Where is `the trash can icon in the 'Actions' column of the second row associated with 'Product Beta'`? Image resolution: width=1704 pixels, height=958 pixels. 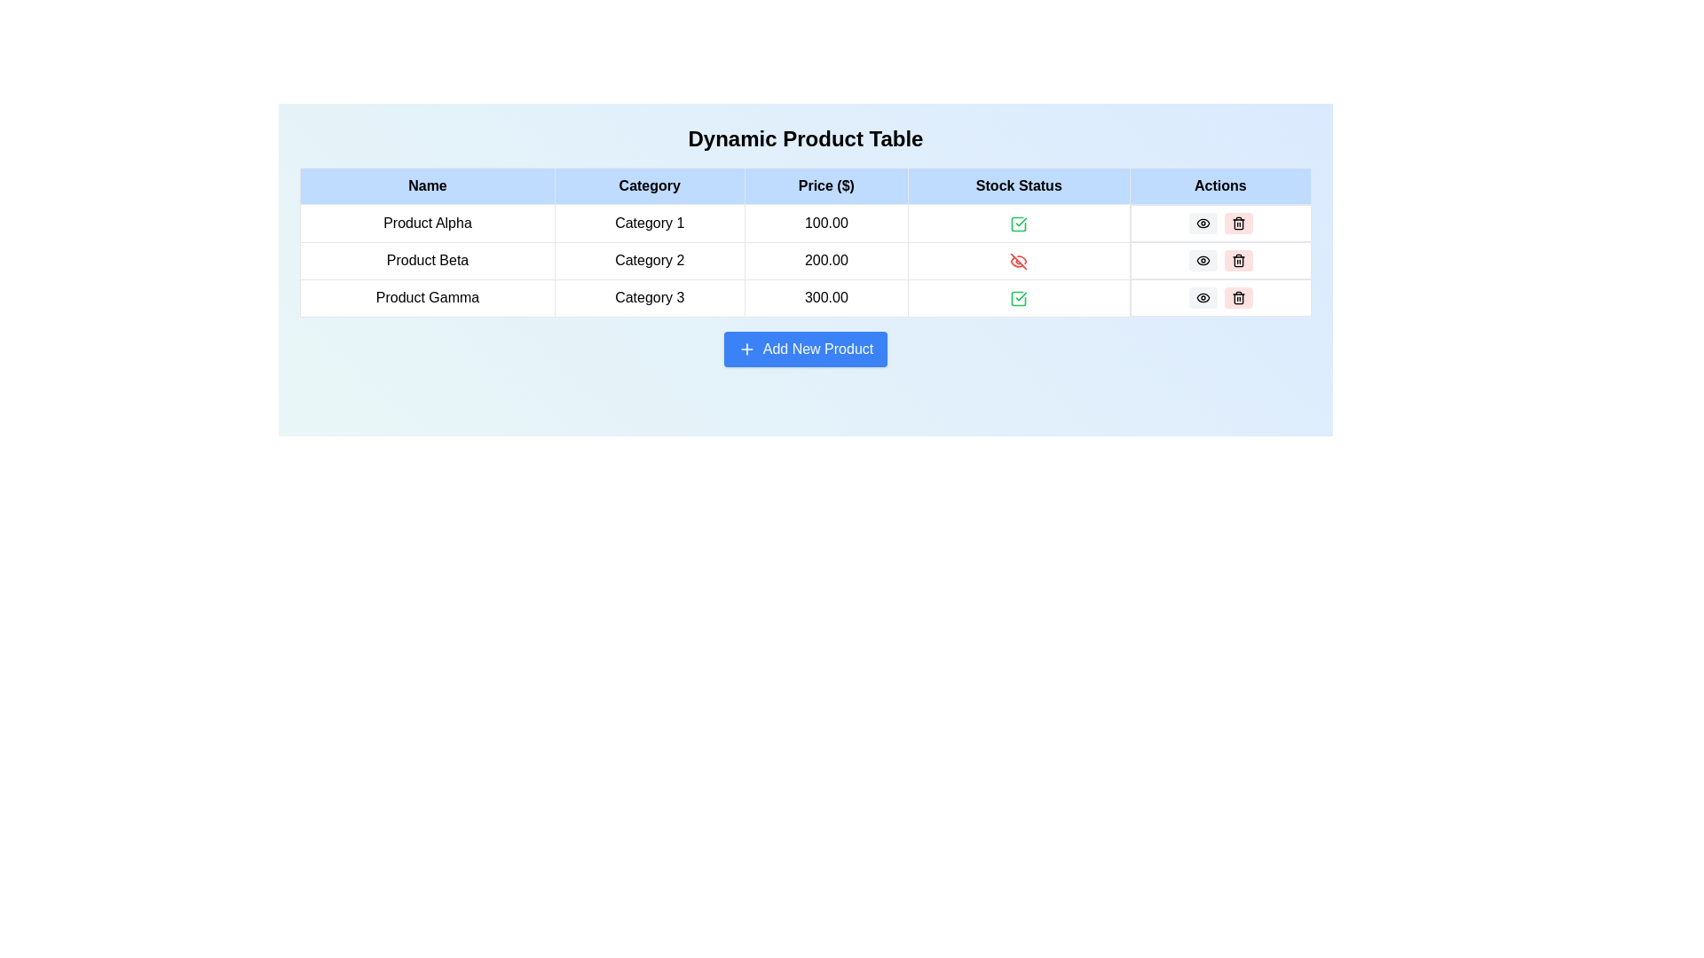 the trash can icon in the 'Actions' column of the second row associated with 'Product Beta' is located at coordinates (1237, 224).